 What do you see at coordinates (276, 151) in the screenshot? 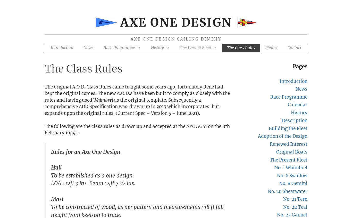
I see `'Original Boats'` at bounding box center [276, 151].